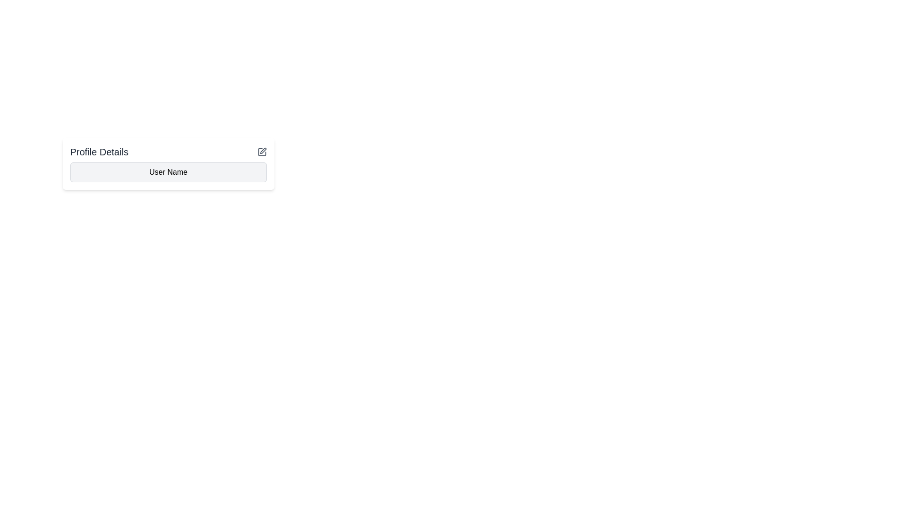  I want to click on the static text field labeled 'User Name' which is a rectangular field with rounded corners and a light gray background, located within the 'Profile Details' card, so click(168, 172).